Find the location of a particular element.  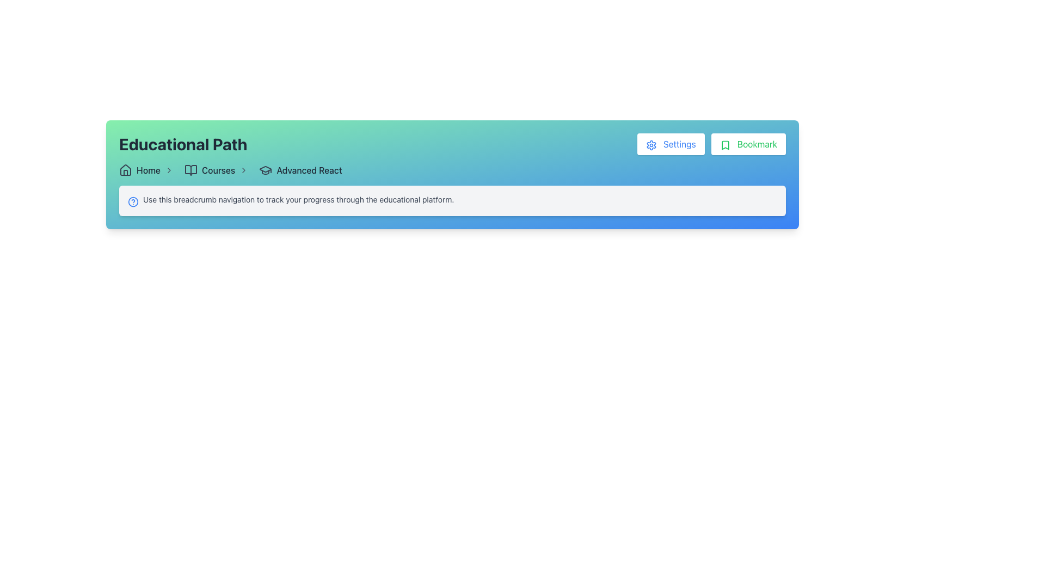

the 'Courses' segment of the breadcrumb navigation, which is the middle segment located between 'Home' and 'Advanced React' is located at coordinates (230, 170).